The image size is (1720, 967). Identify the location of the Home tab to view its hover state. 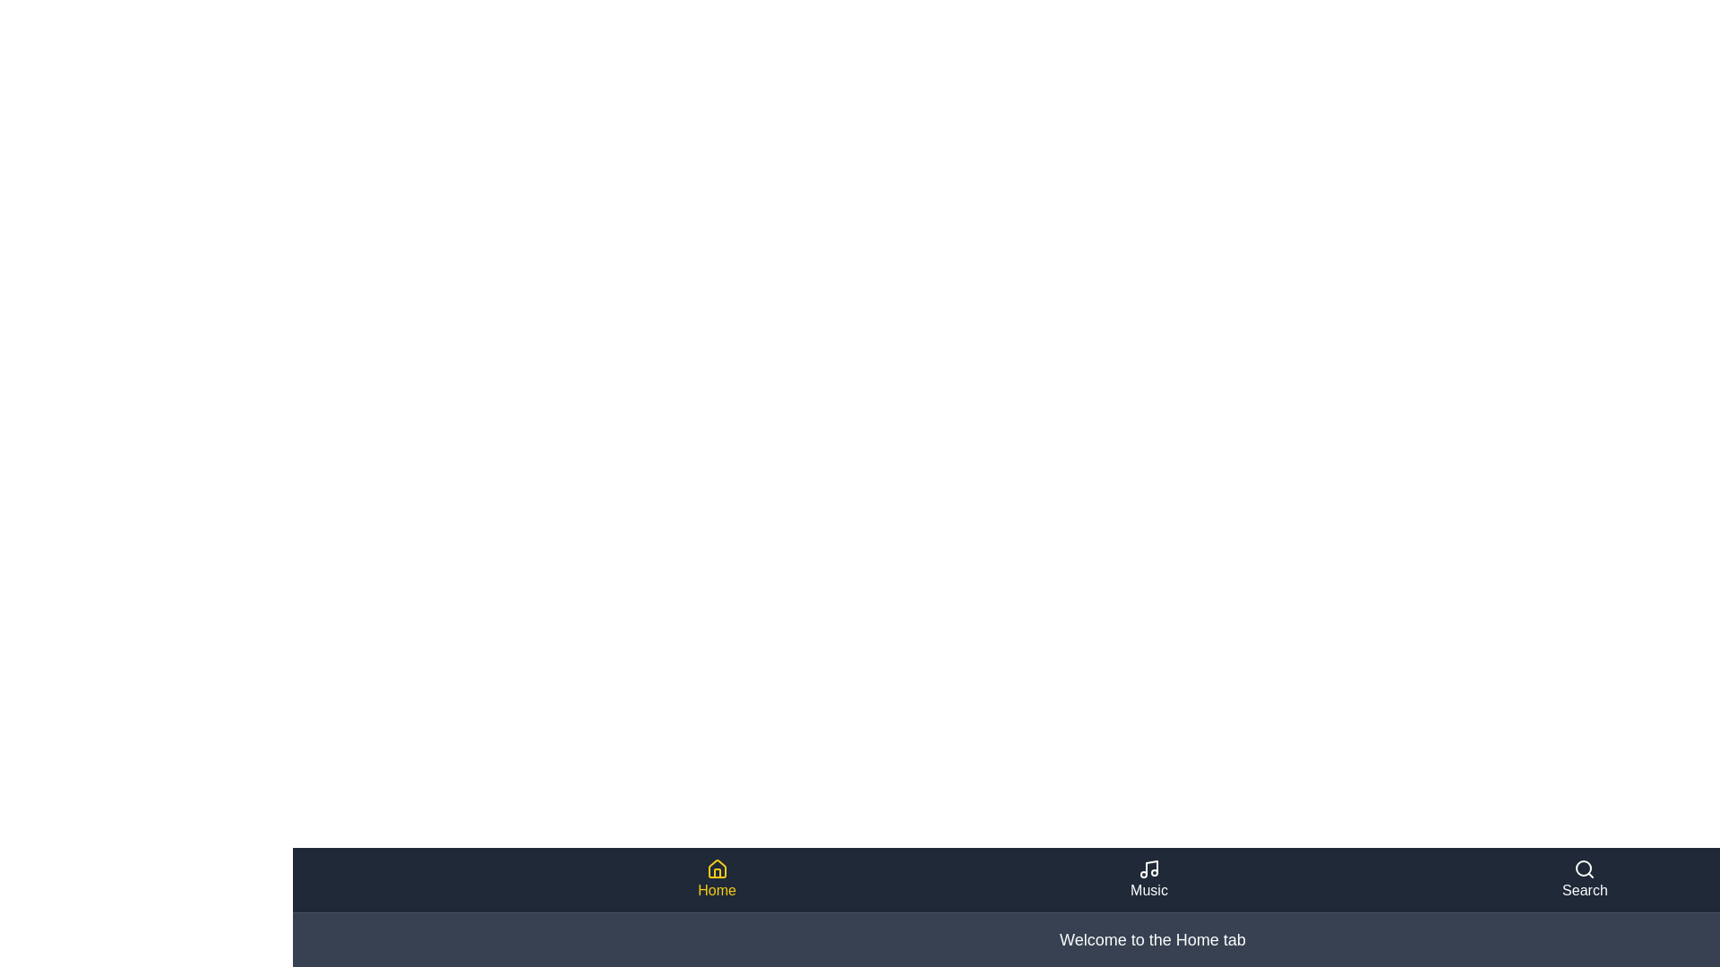
(717, 879).